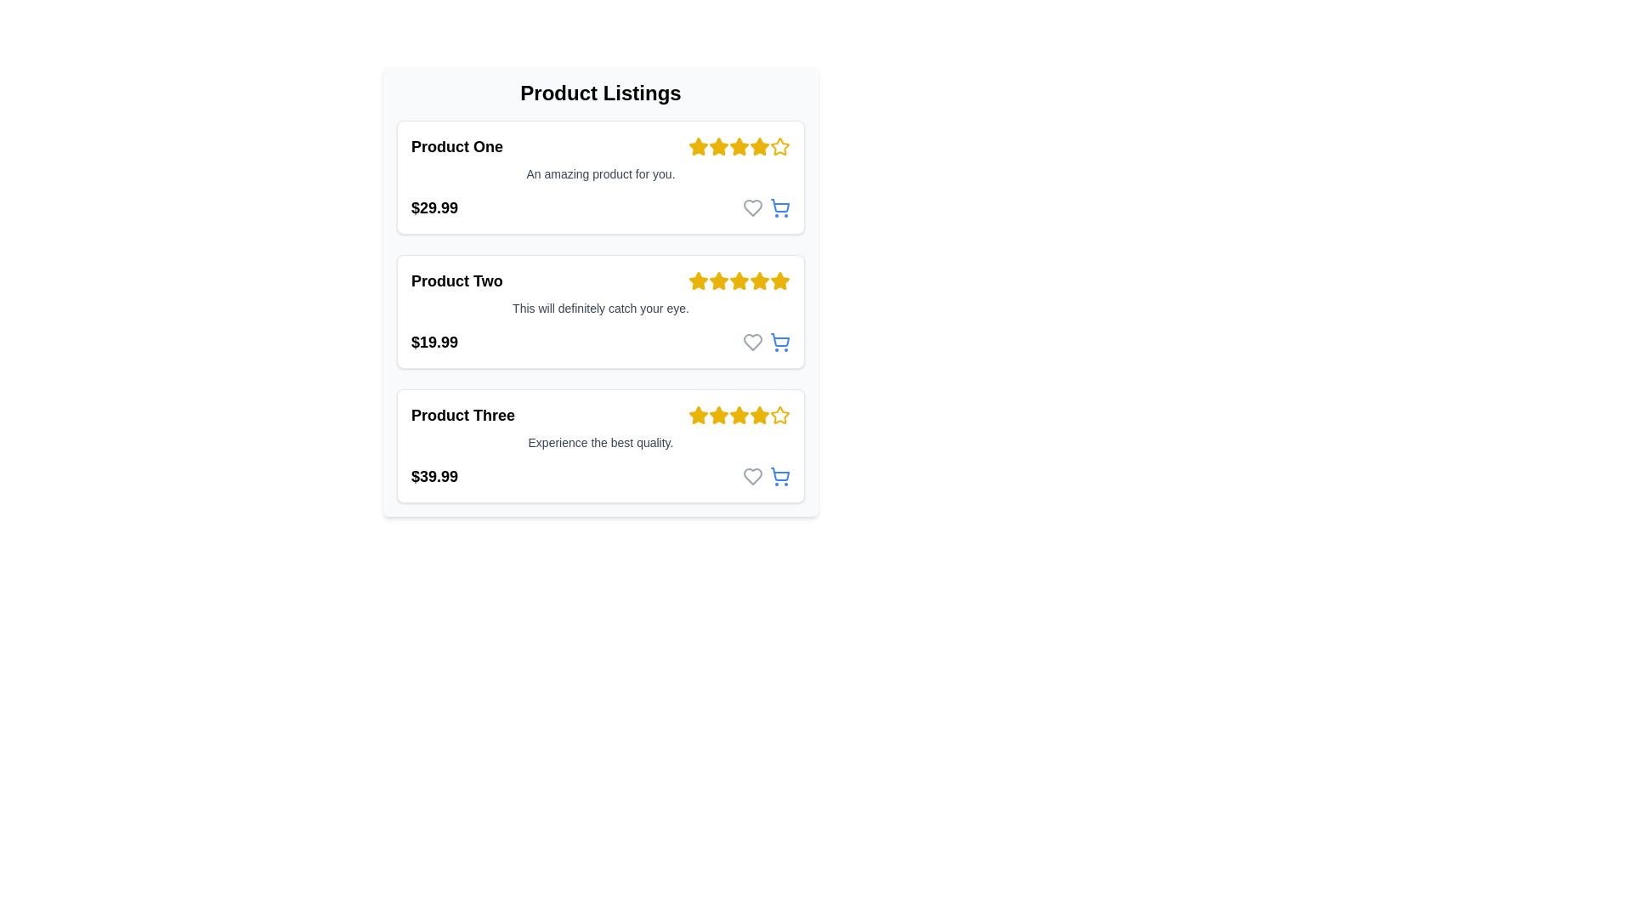 This screenshot has height=918, width=1632. I want to click on the first yellow star-shaped rating icon for 'Product Two' located in the second product card to rate it, so click(698, 280).